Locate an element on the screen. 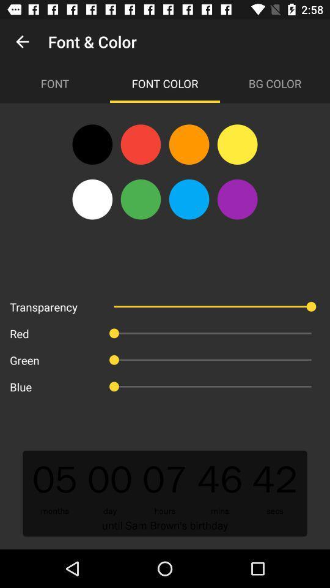 The width and height of the screenshot is (330, 588). item above the font item is located at coordinates (22, 42).